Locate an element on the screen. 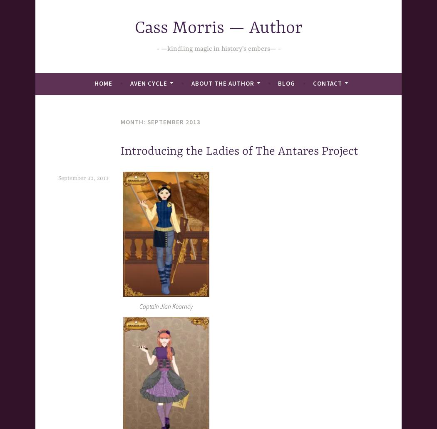 This screenshot has height=429, width=437. 'Introducing the Ladies of The Antares Project' is located at coordinates (239, 151).